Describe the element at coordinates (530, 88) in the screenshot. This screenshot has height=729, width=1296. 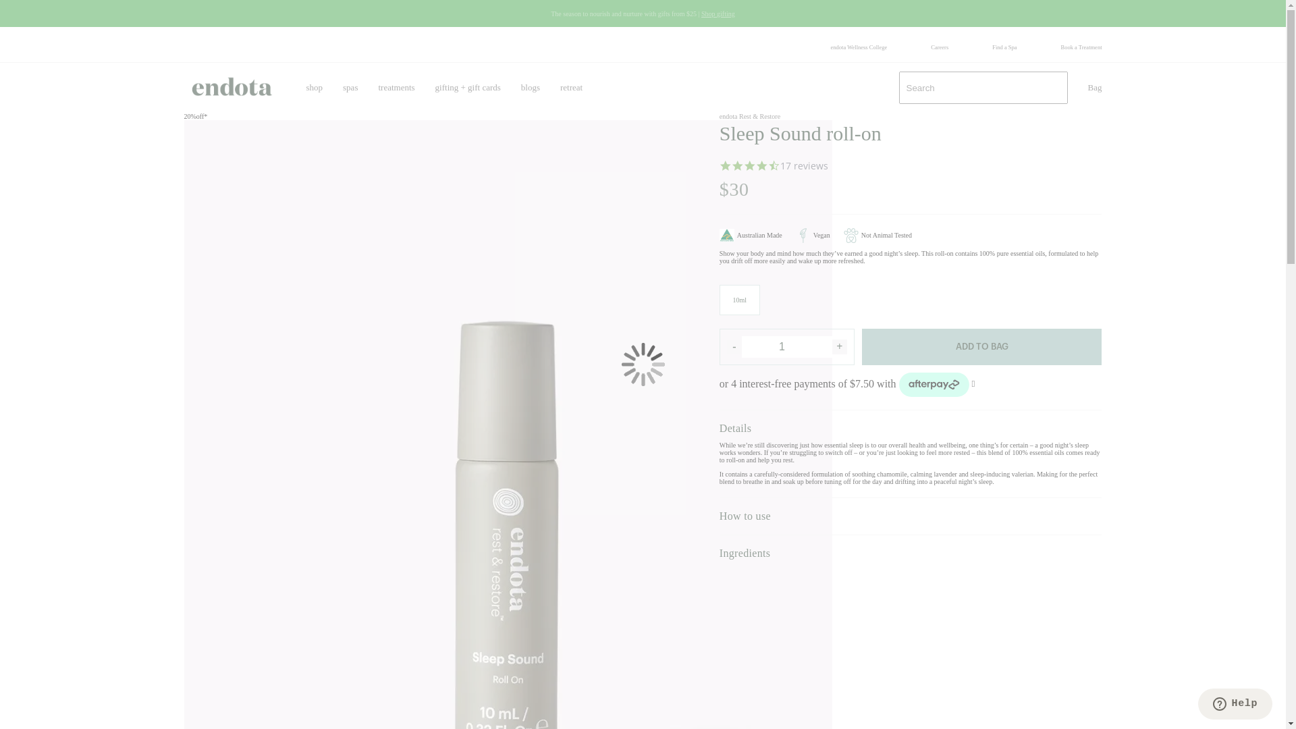
I see `'blogs'` at that location.